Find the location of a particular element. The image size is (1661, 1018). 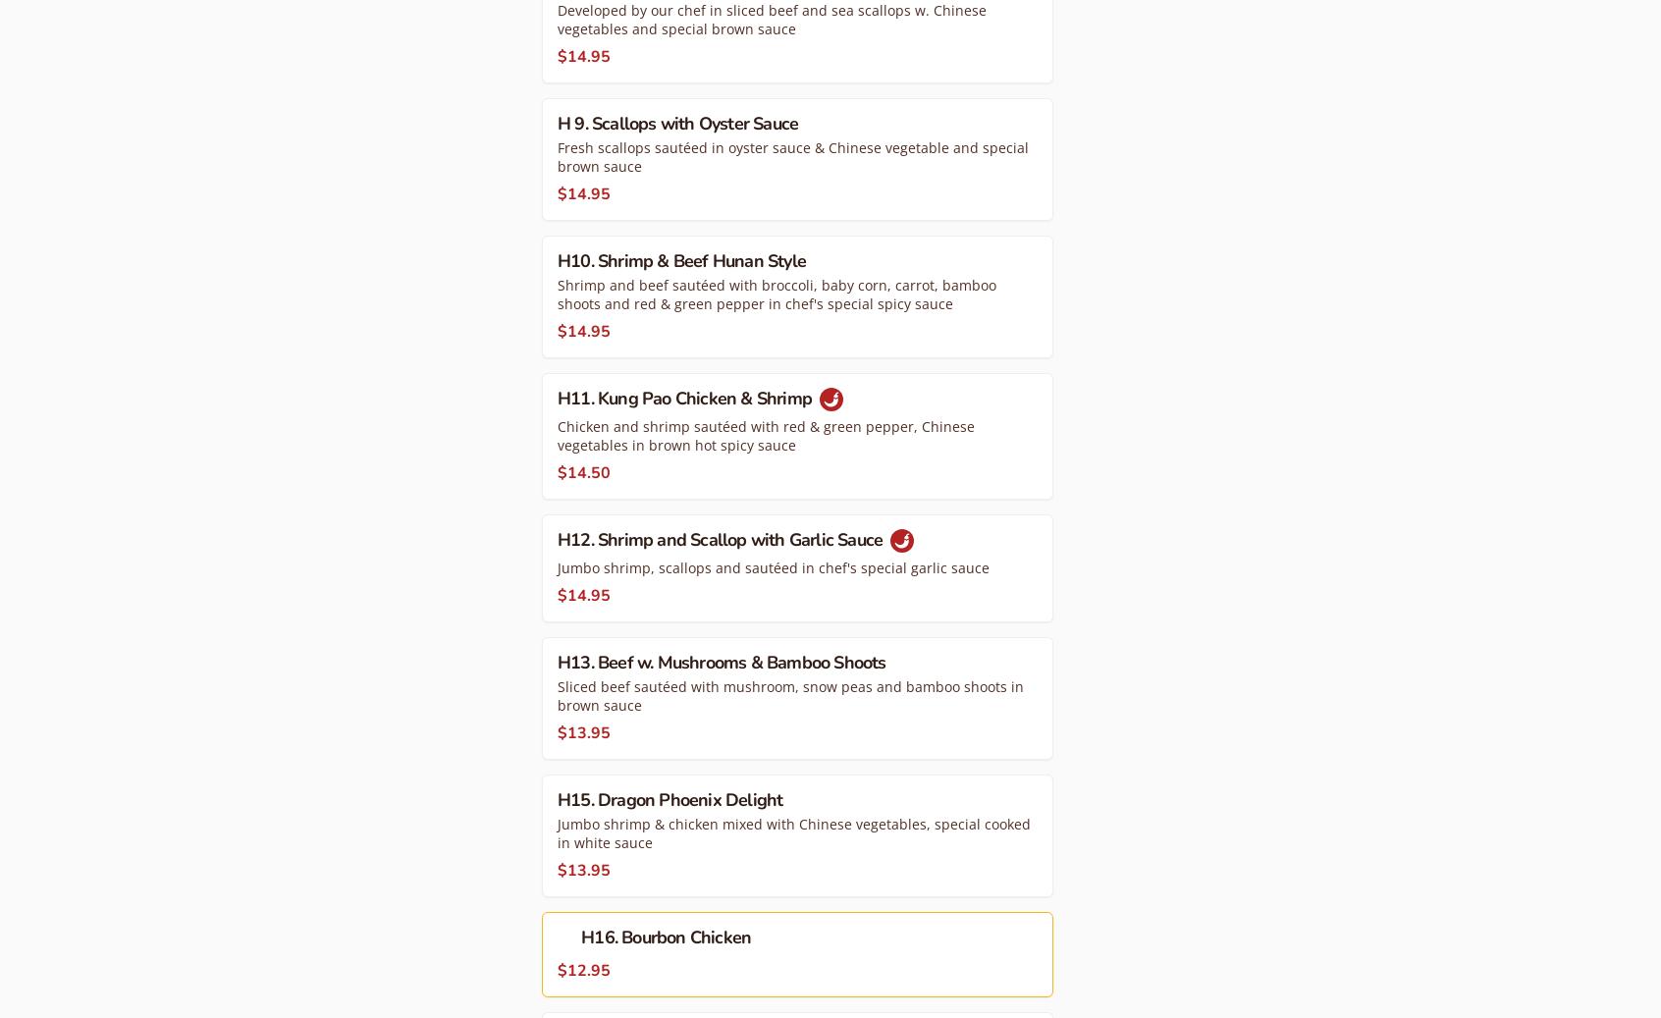

'H16. Bourbon Chicken' is located at coordinates (666, 937).